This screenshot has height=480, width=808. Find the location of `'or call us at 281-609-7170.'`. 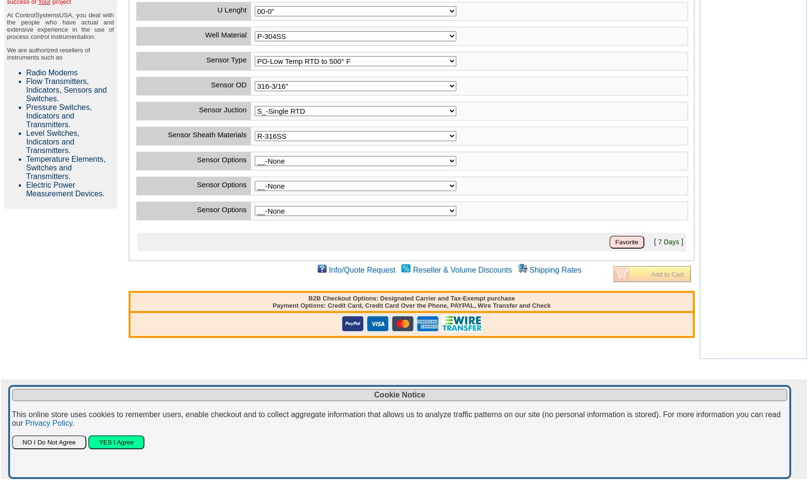

'or call us at 281-609-7170.' is located at coordinates (215, 431).